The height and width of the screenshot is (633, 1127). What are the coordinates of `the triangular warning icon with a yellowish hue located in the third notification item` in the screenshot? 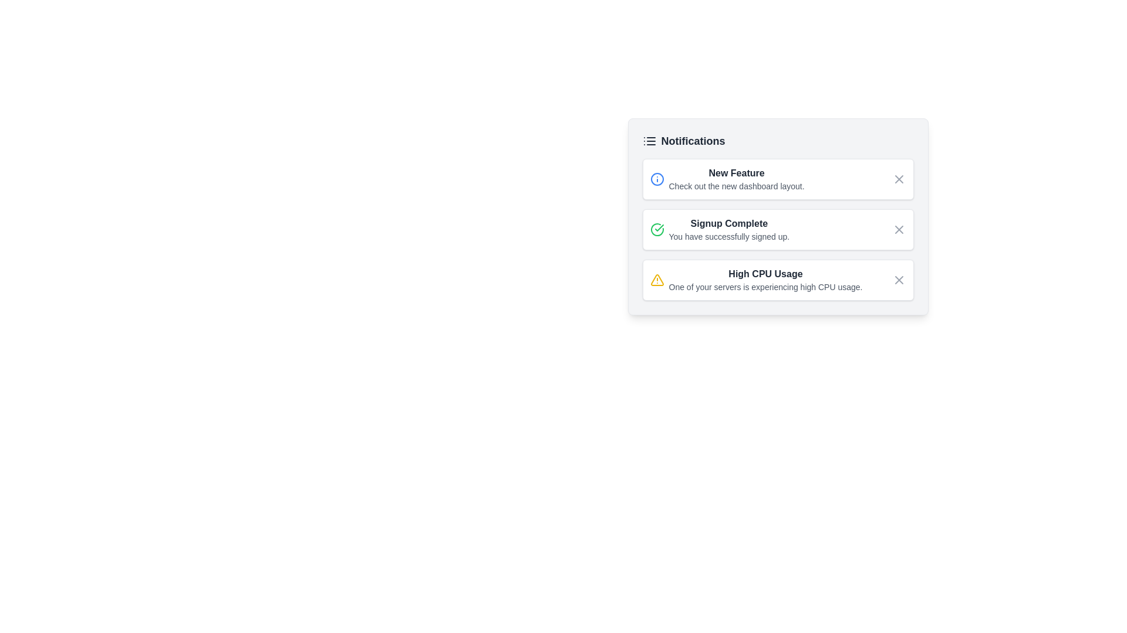 It's located at (656, 280).